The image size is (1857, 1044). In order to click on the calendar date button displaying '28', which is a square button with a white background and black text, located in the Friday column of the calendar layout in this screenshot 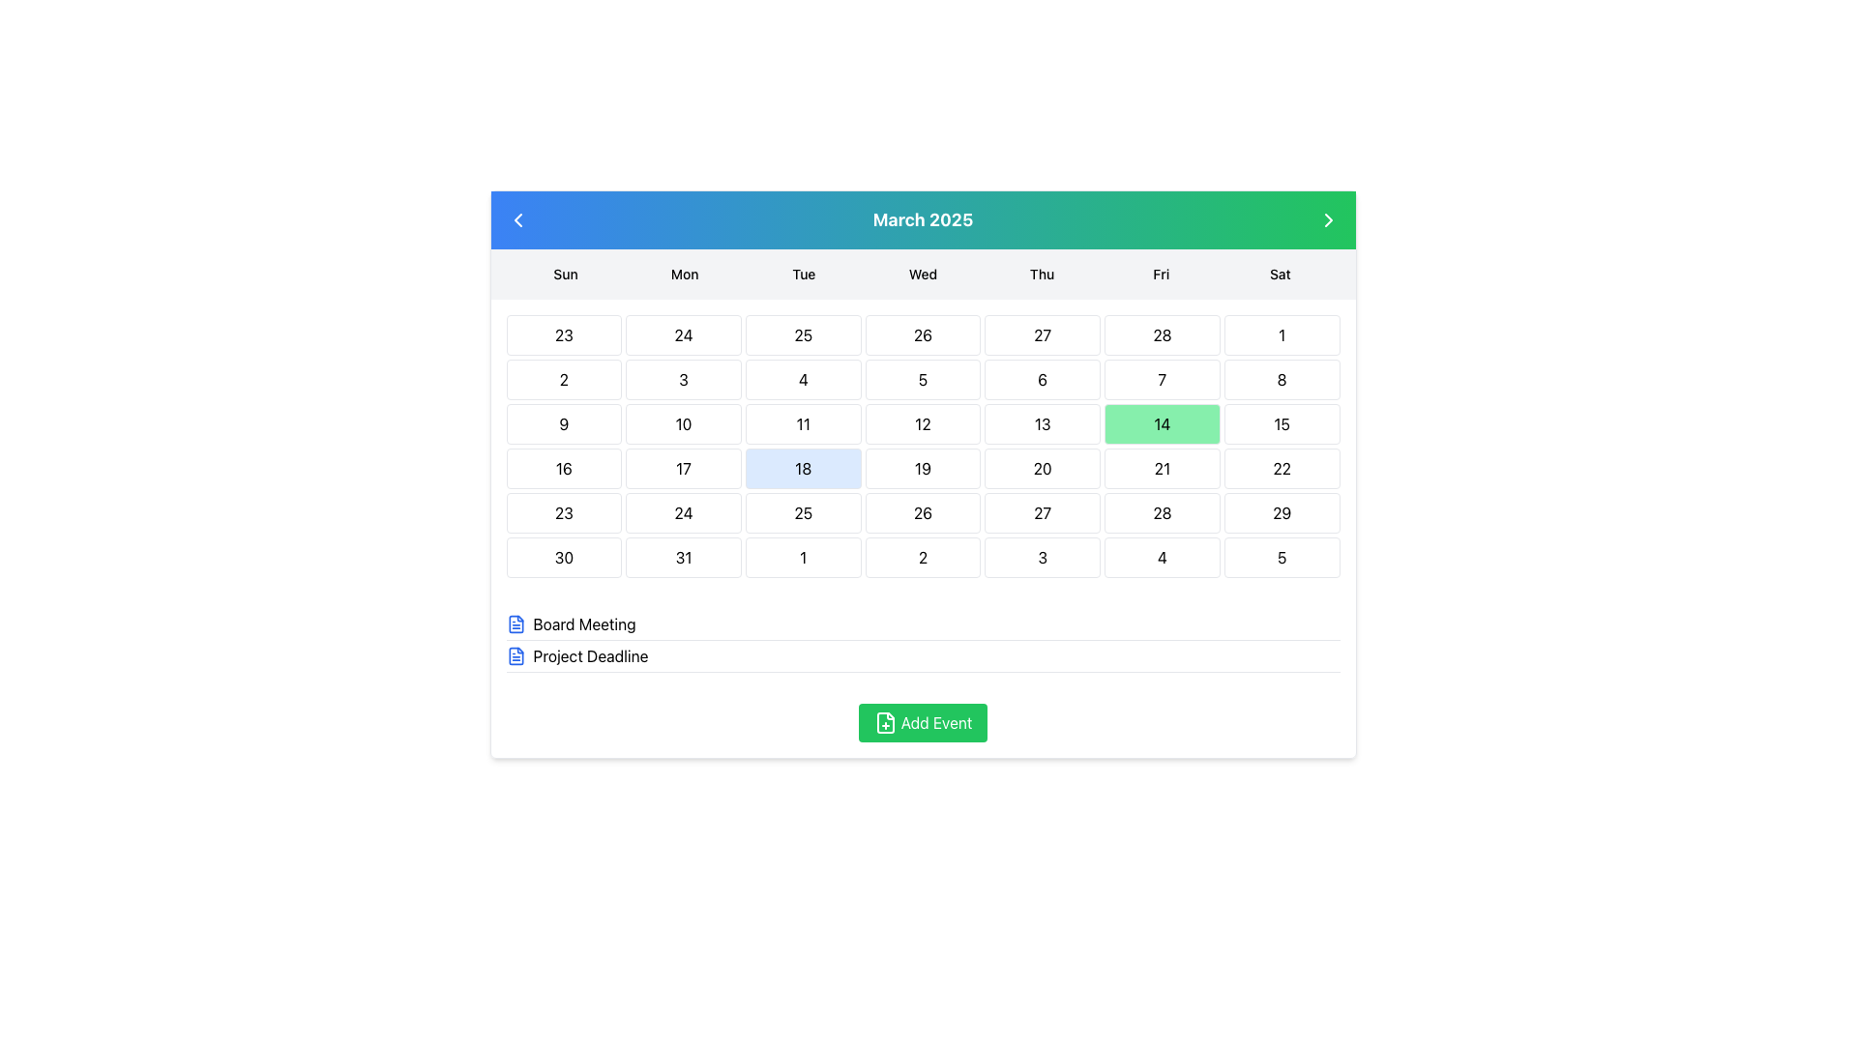, I will do `click(1161, 512)`.